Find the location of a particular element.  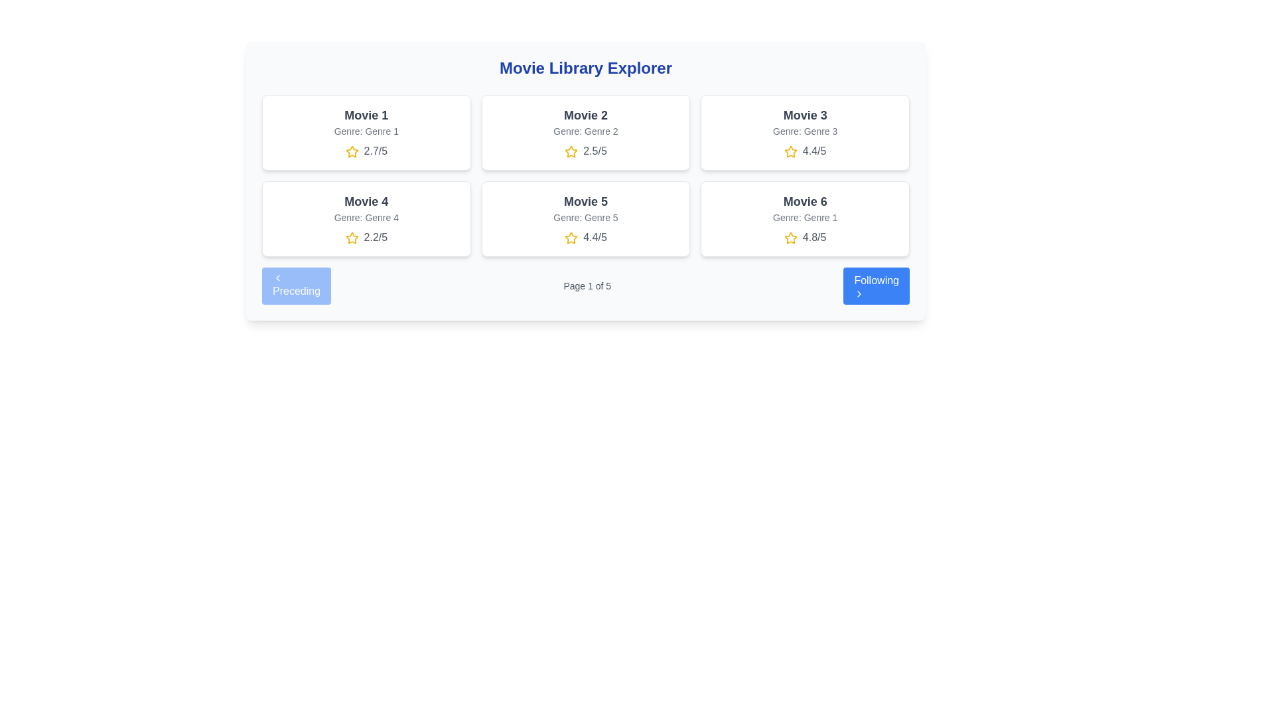

the star icon representing a rating system, which is visually indicated alongside the numerical score of '4.8/5.' is located at coordinates (790, 237).